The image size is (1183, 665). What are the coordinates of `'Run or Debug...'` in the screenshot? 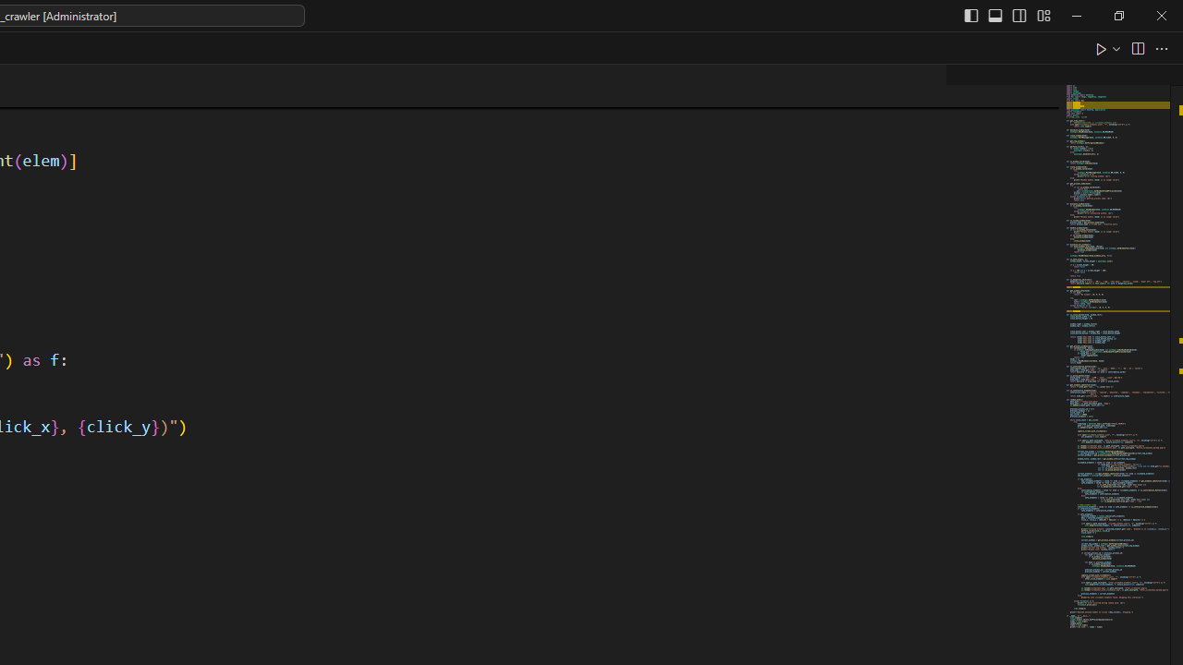 It's located at (1116, 47).